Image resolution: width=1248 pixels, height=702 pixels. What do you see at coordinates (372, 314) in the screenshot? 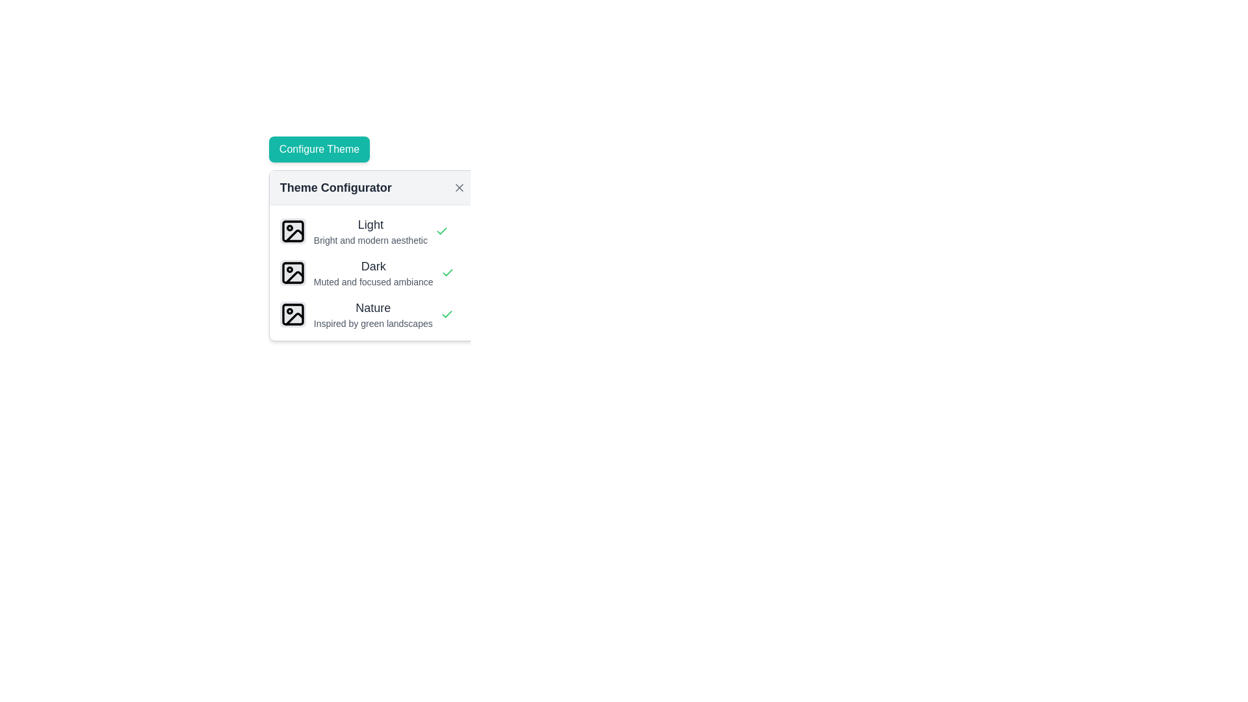
I see `the 'Nature' theme option text block, which is the third item in the vertical list within the 'Theme Configurator' widget` at bounding box center [372, 314].